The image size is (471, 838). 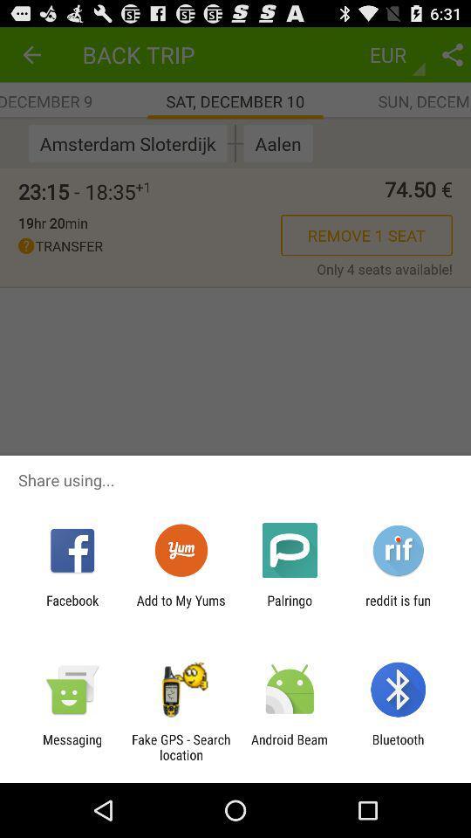 What do you see at coordinates (398, 608) in the screenshot?
I see `icon to the right of palringo icon` at bounding box center [398, 608].